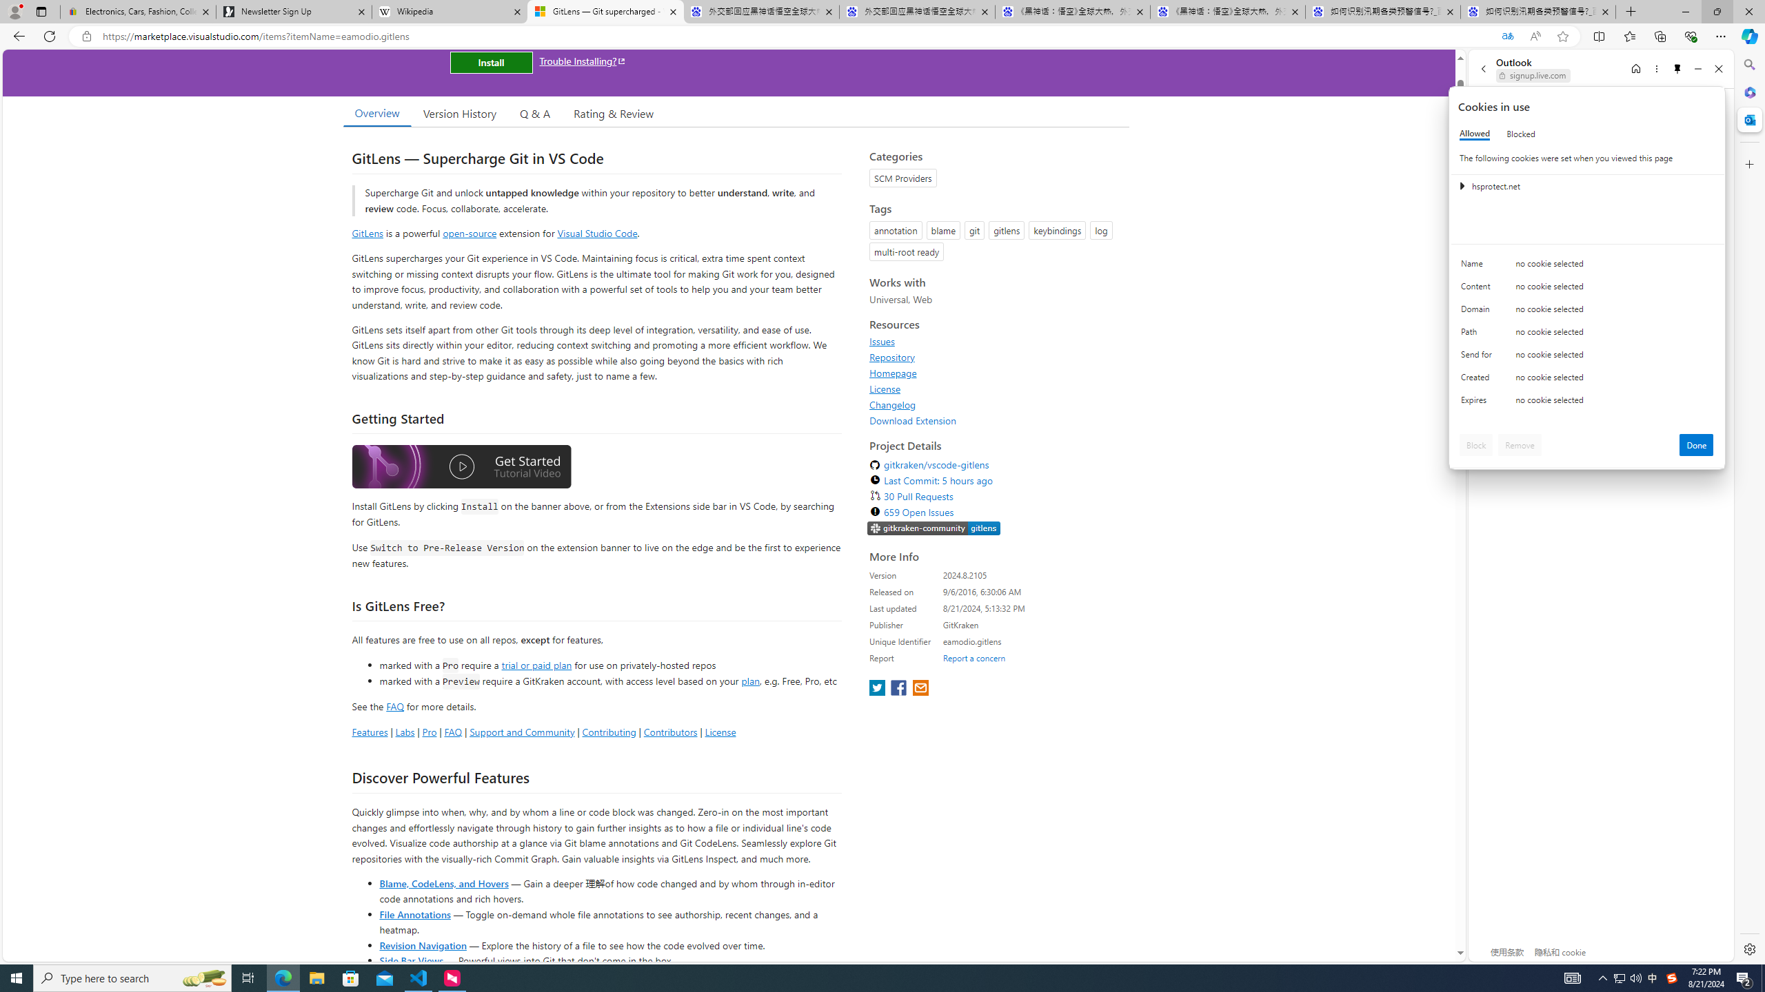 The image size is (1765, 992). Describe the element at coordinates (1520, 134) in the screenshot. I see `'Blocked'` at that location.